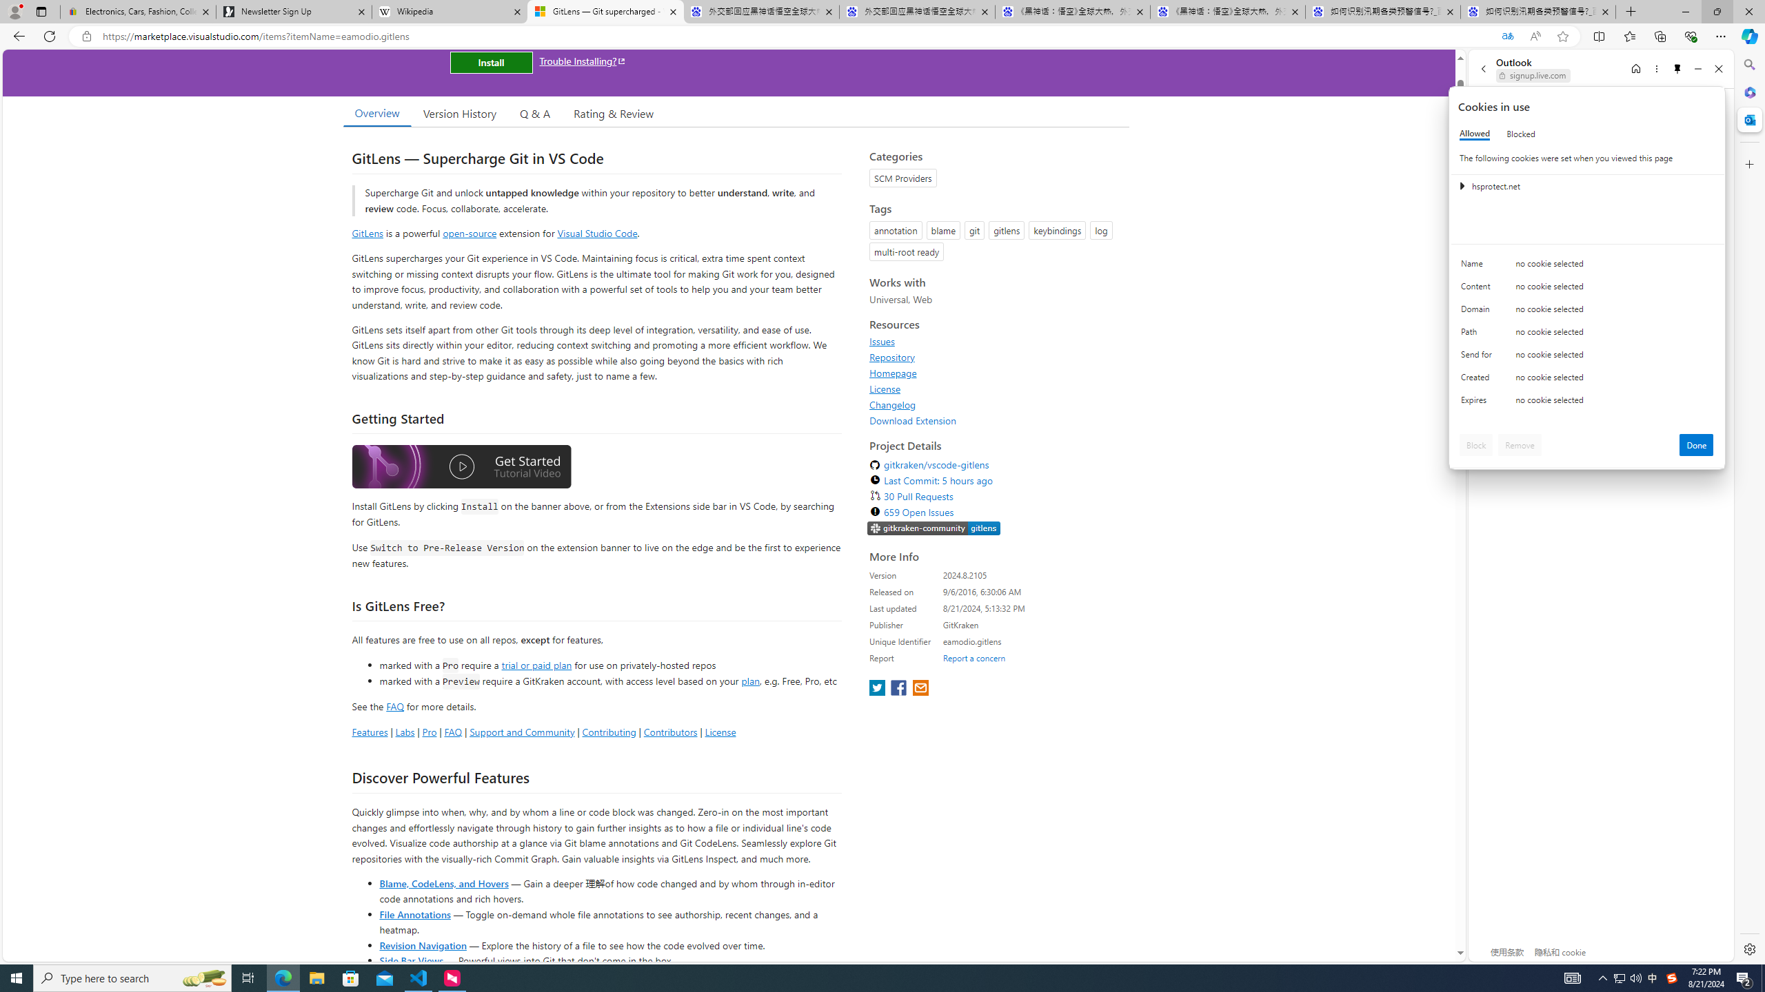 The image size is (1765, 992). Describe the element at coordinates (1520, 134) in the screenshot. I see `'Blocked'` at that location.